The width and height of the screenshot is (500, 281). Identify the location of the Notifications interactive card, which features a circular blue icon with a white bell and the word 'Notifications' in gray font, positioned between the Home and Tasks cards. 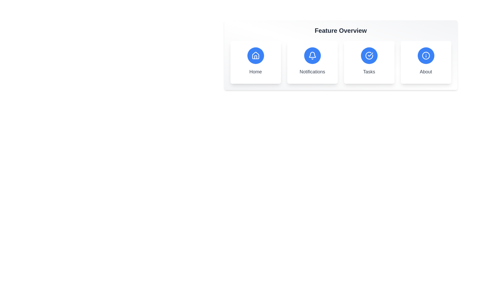
(312, 62).